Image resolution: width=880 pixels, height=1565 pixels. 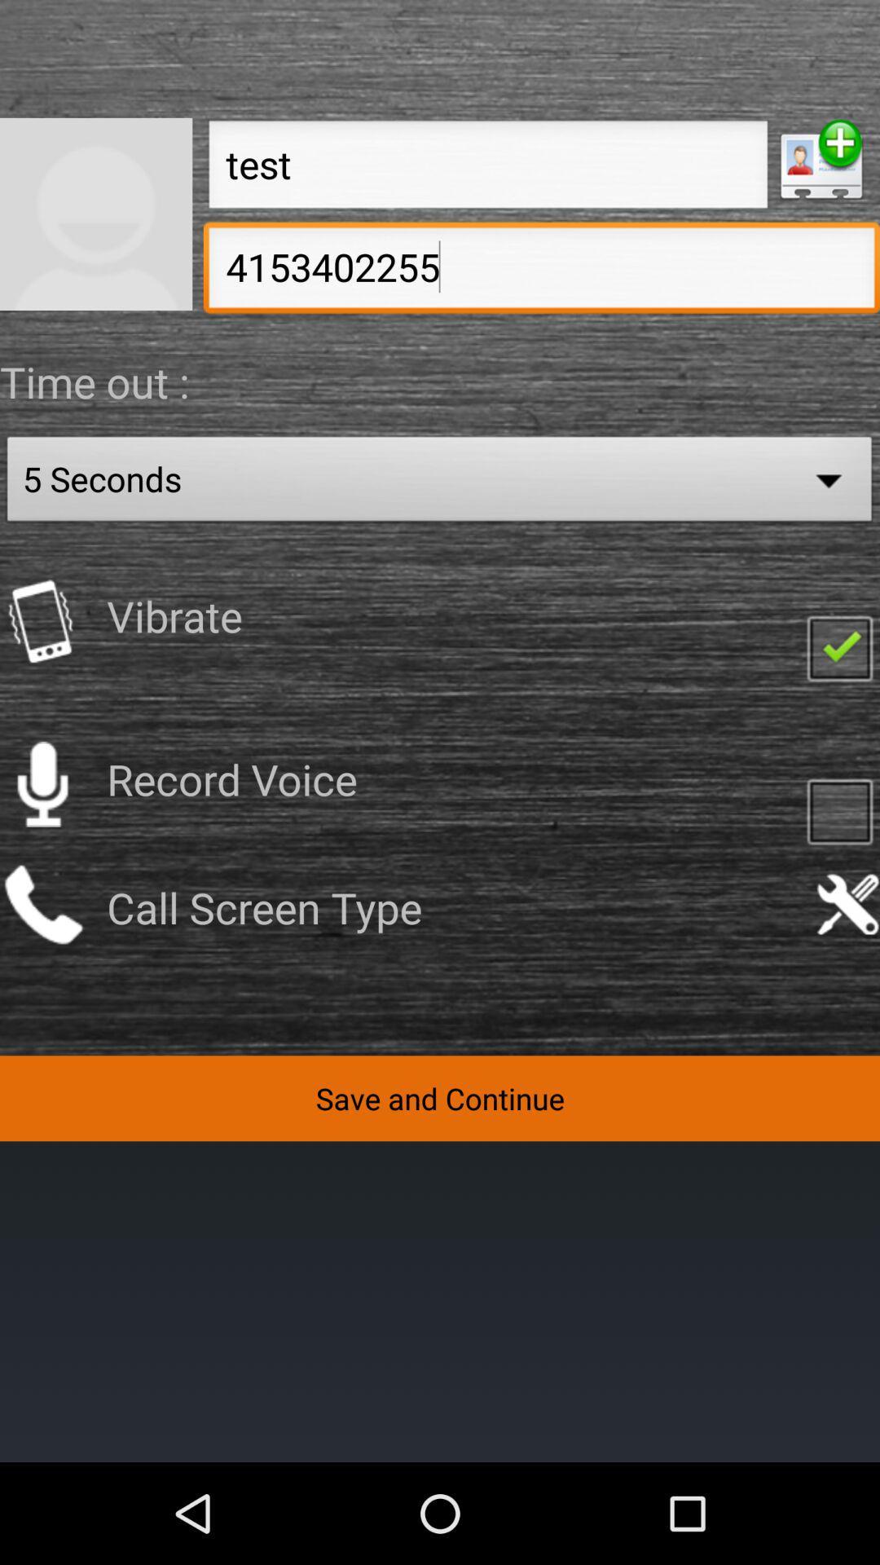 What do you see at coordinates (847, 904) in the screenshot?
I see `setting` at bounding box center [847, 904].